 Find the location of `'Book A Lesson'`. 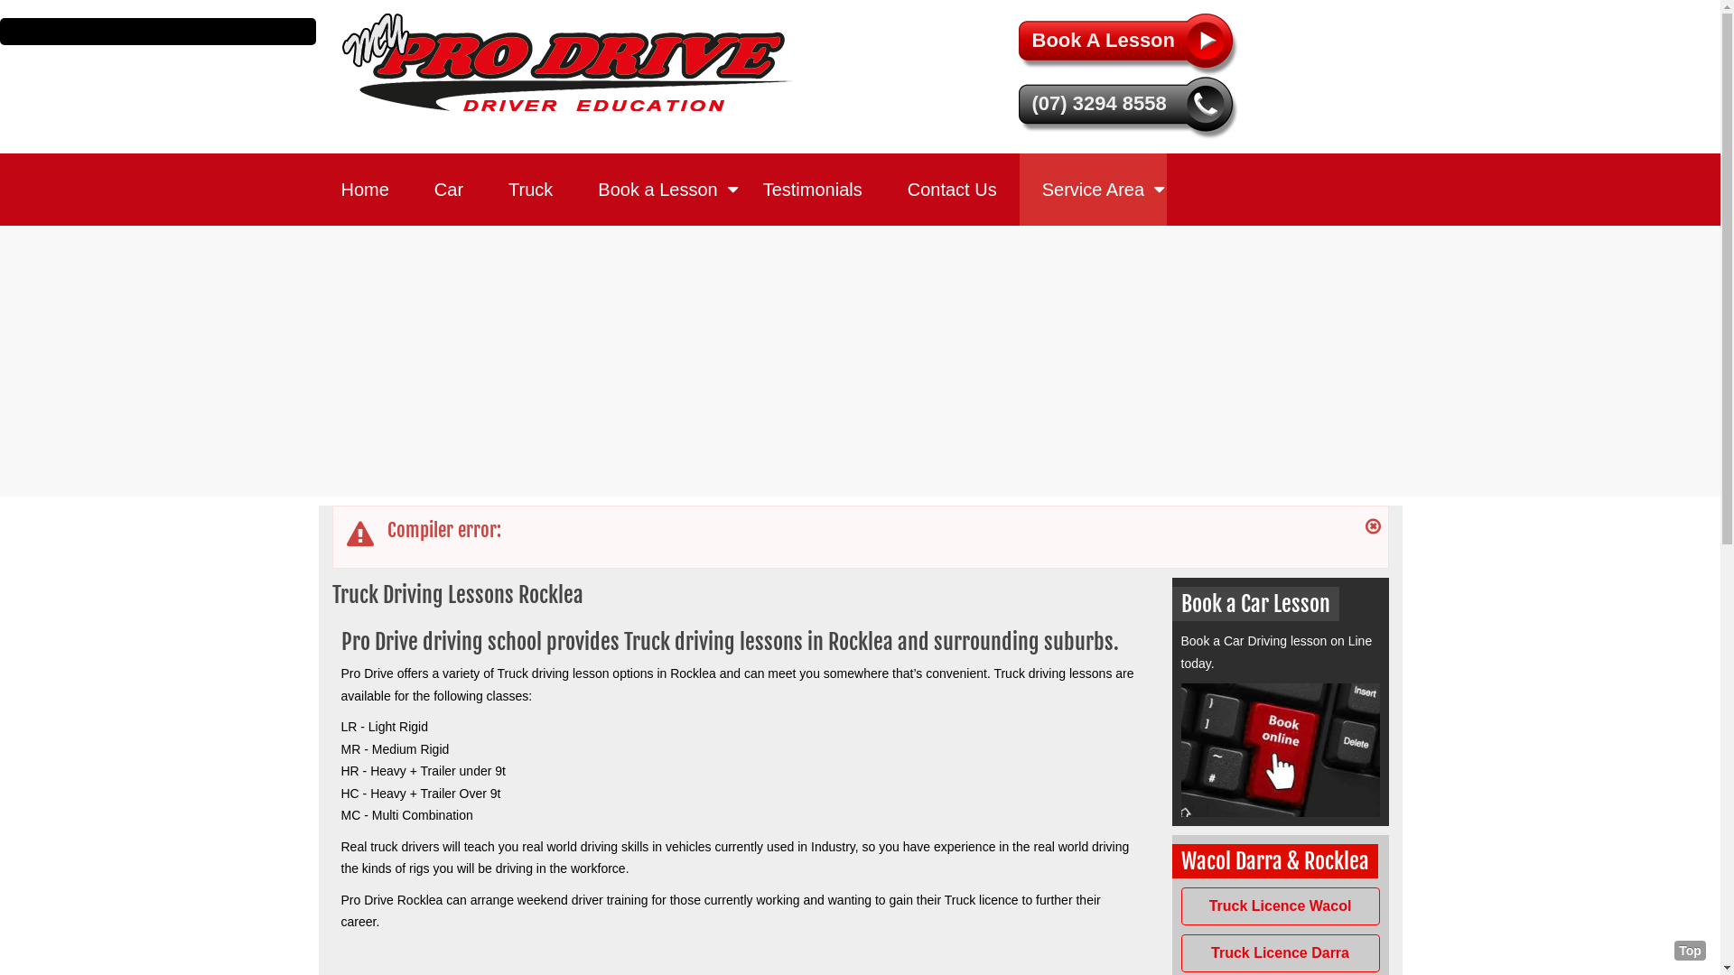

'Book A Lesson' is located at coordinates (1019, 44).